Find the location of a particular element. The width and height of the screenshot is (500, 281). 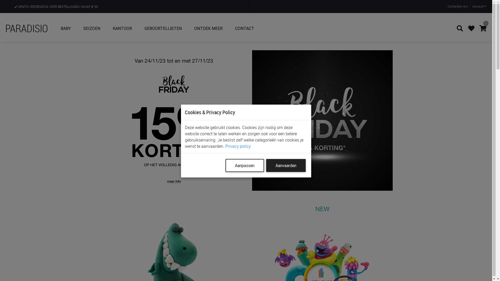

'Contacteer ons' is located at coordinates (457, 6).